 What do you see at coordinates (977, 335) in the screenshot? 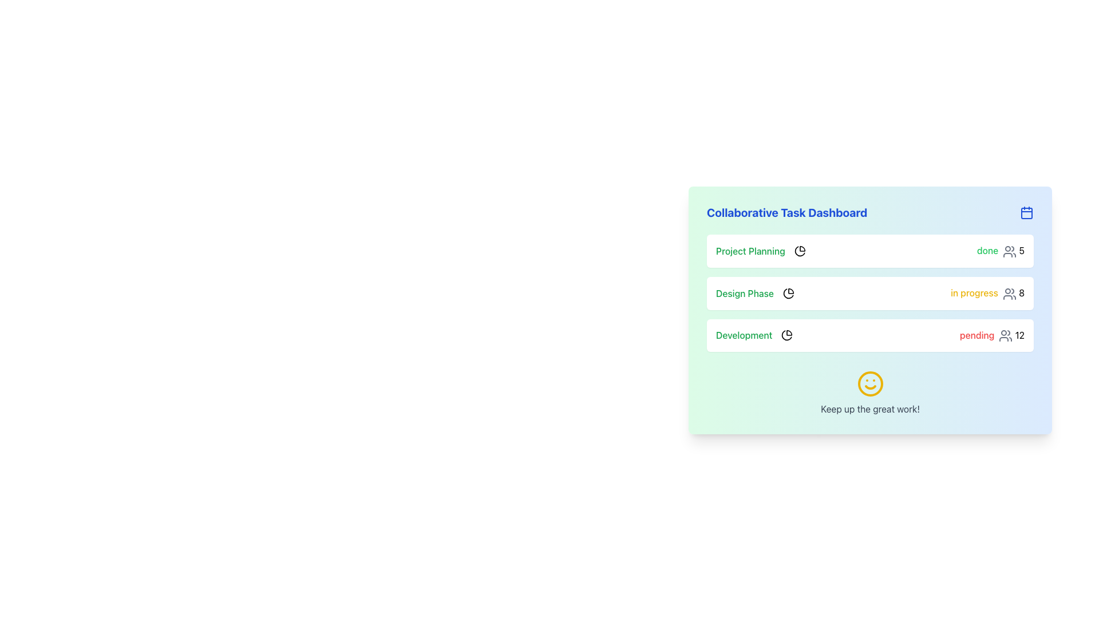
I see `the text label indicating the current status of the corresponding item as 'pending', located in the 'Development' section of the dashboard interface, adjacent to the user count icon` at bounding box center [977, 335].